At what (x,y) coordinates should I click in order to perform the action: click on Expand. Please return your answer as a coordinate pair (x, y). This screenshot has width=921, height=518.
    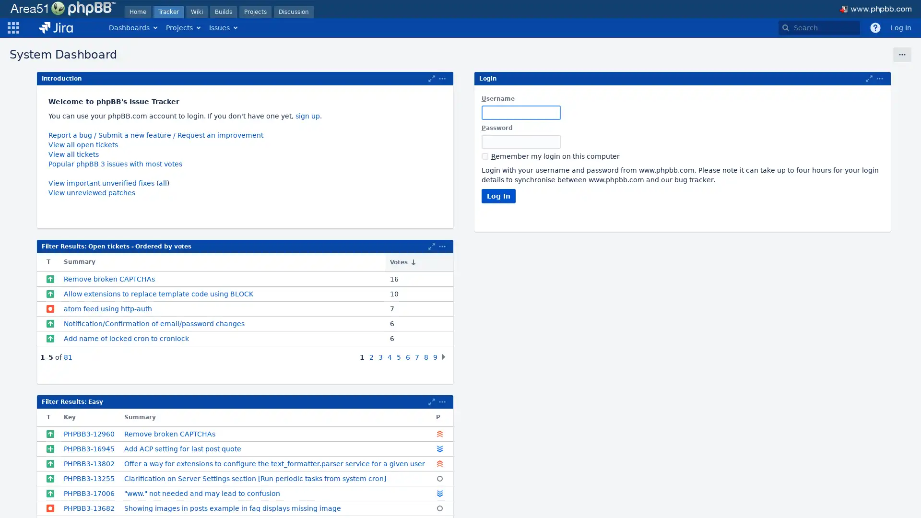
    Looking at the image, I should click on (441, 246).